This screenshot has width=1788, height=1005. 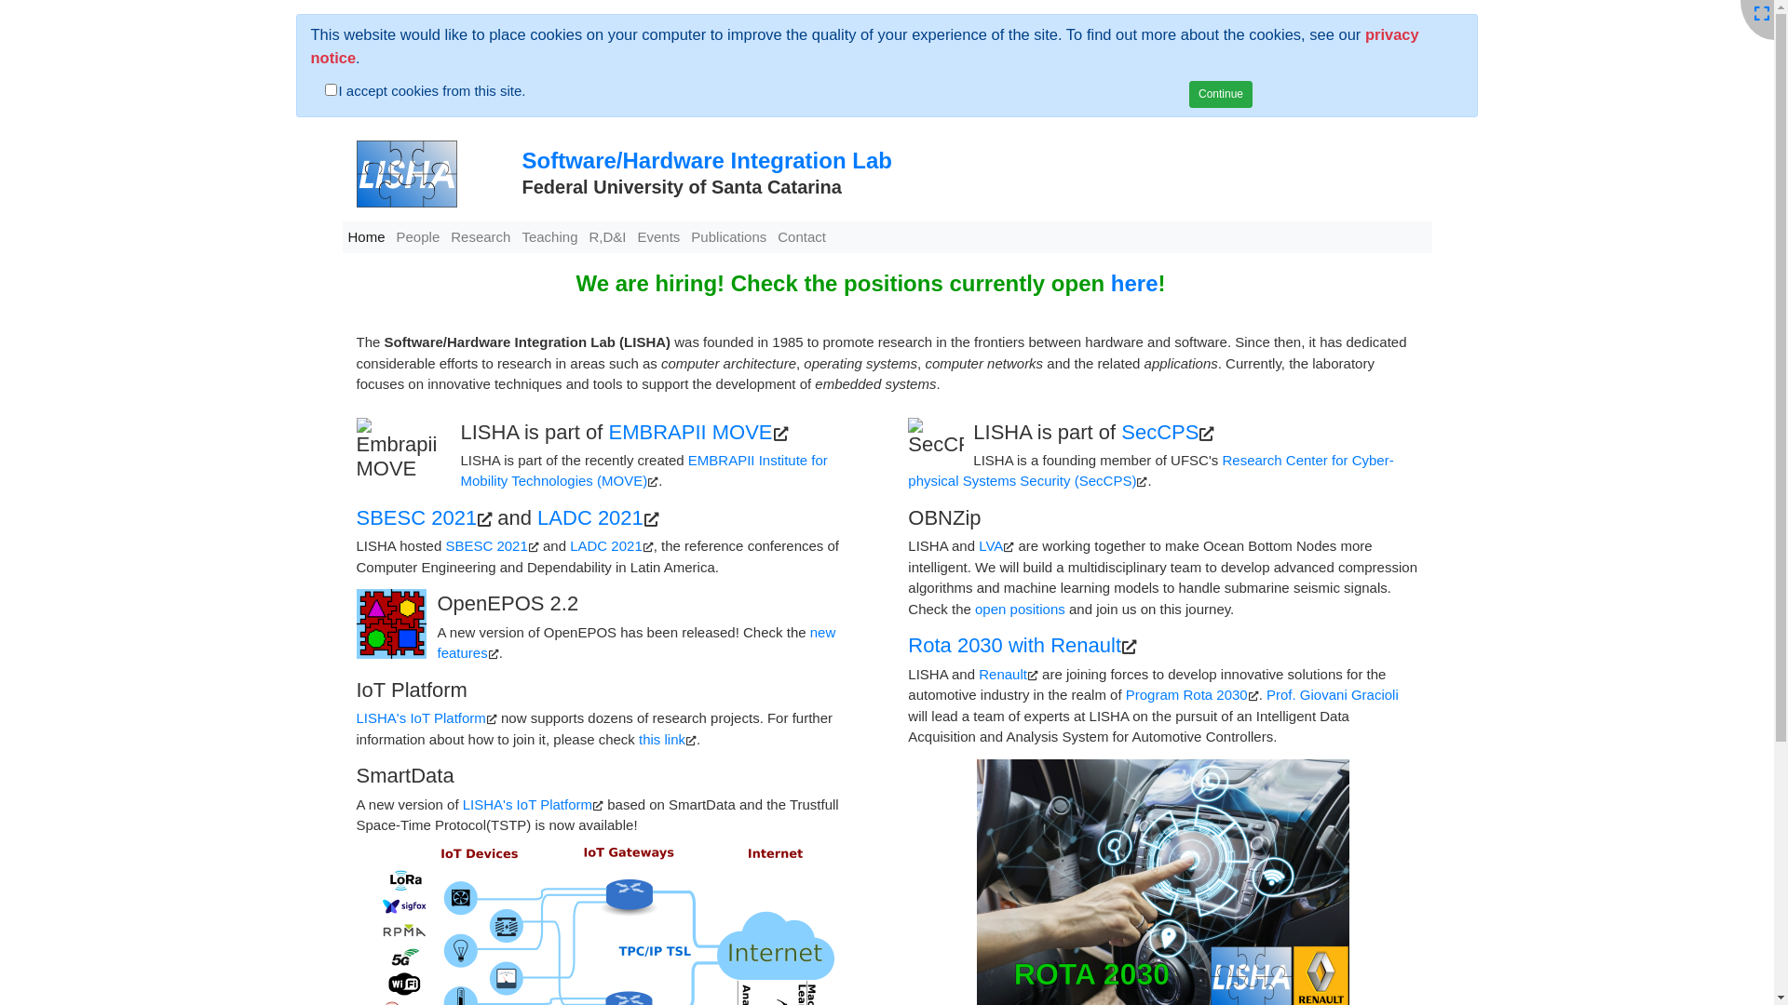 What do you see at coordinates (549, 236) in the screenshot?
I see `'Teaching'` at bounding box center [549, 236].